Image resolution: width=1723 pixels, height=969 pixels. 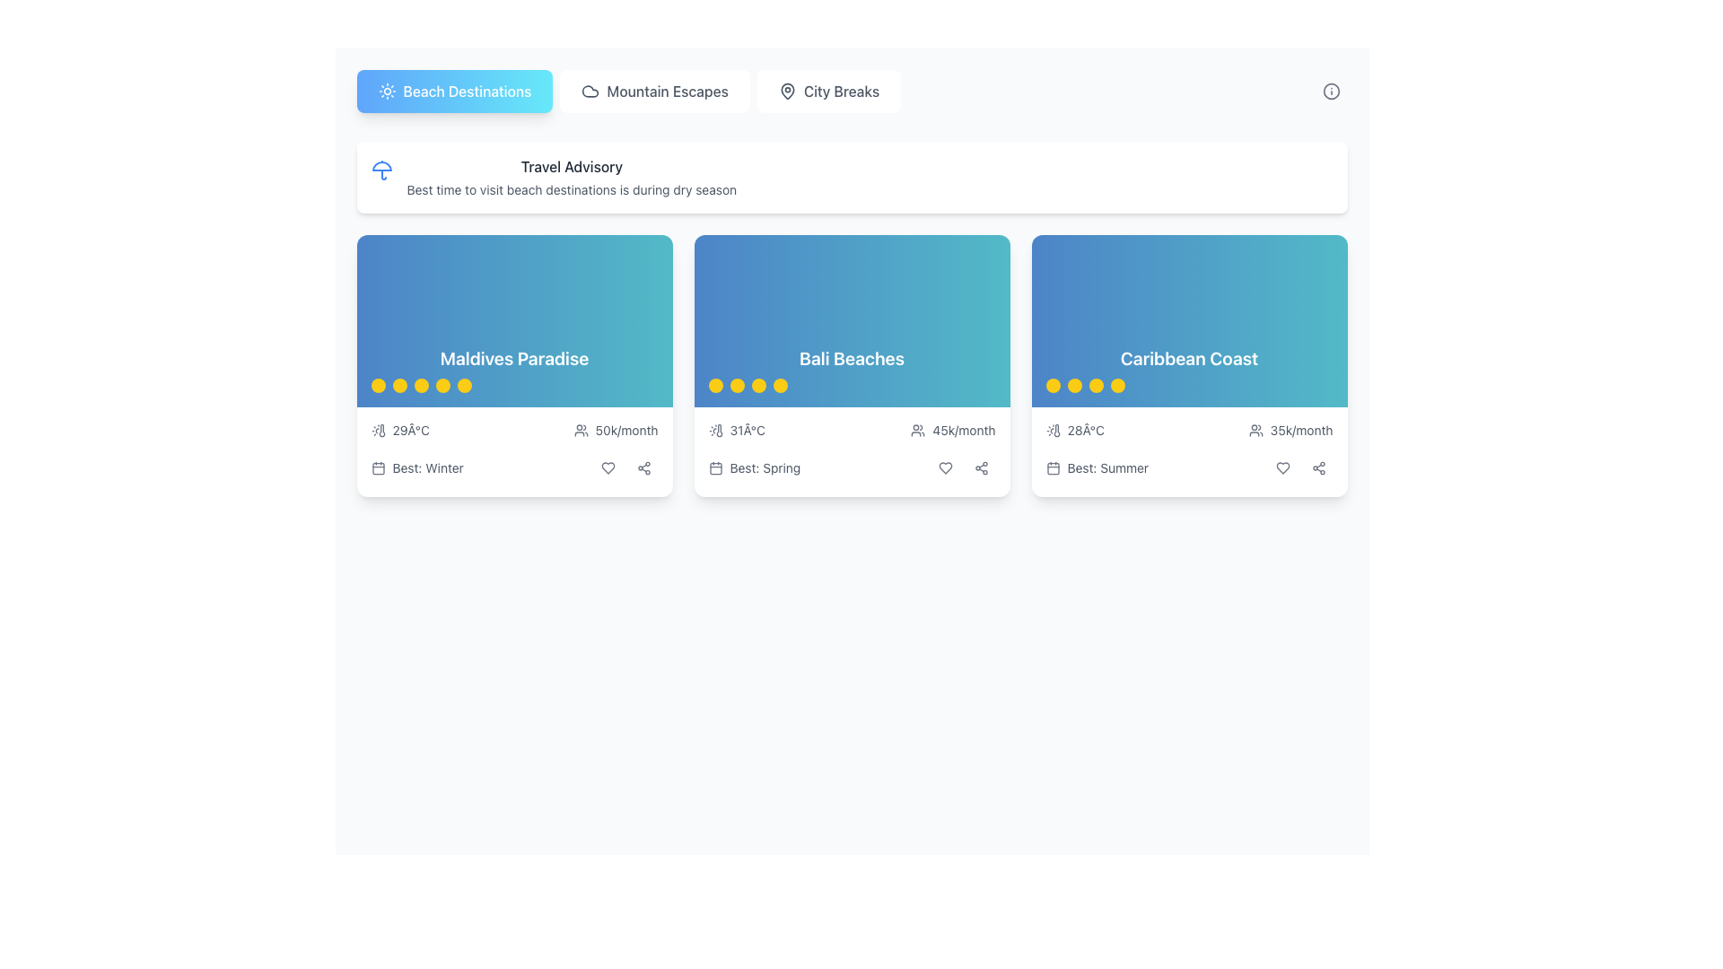 I want to click on the text label displaying the title 'Caribbean Coast', which is located at the top section of the card, so click(x=1189, y=359).